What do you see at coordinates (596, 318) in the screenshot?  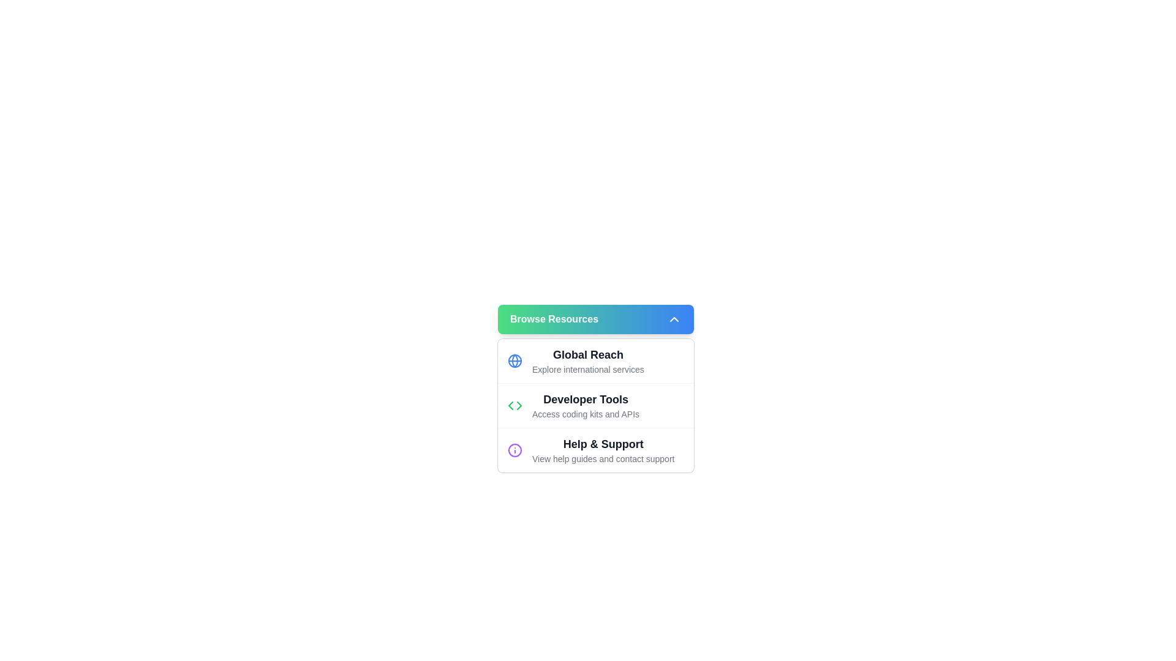 I see `the 'Browse Resources' button, which is a rectangular button with a gradient background from green to blue and contains white text and a chevron icon` at bounding box center [596, 318].